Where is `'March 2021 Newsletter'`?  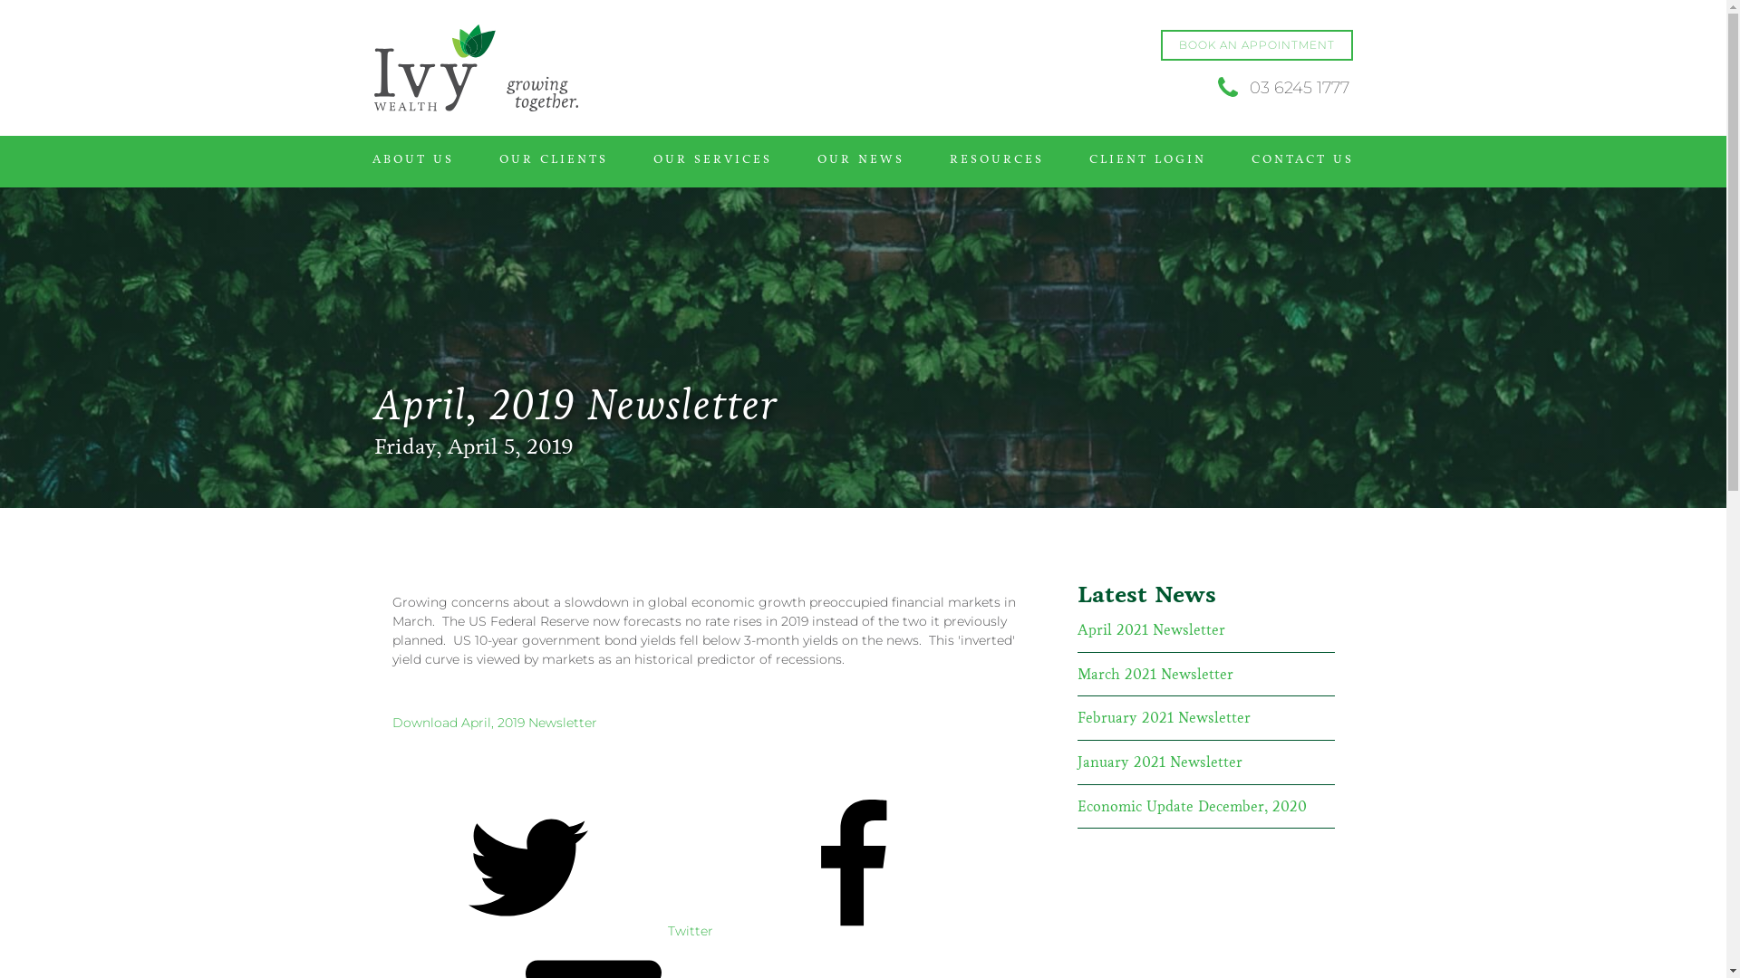
'March 2021 Newsletter' is located at coordinates (1077, 674).